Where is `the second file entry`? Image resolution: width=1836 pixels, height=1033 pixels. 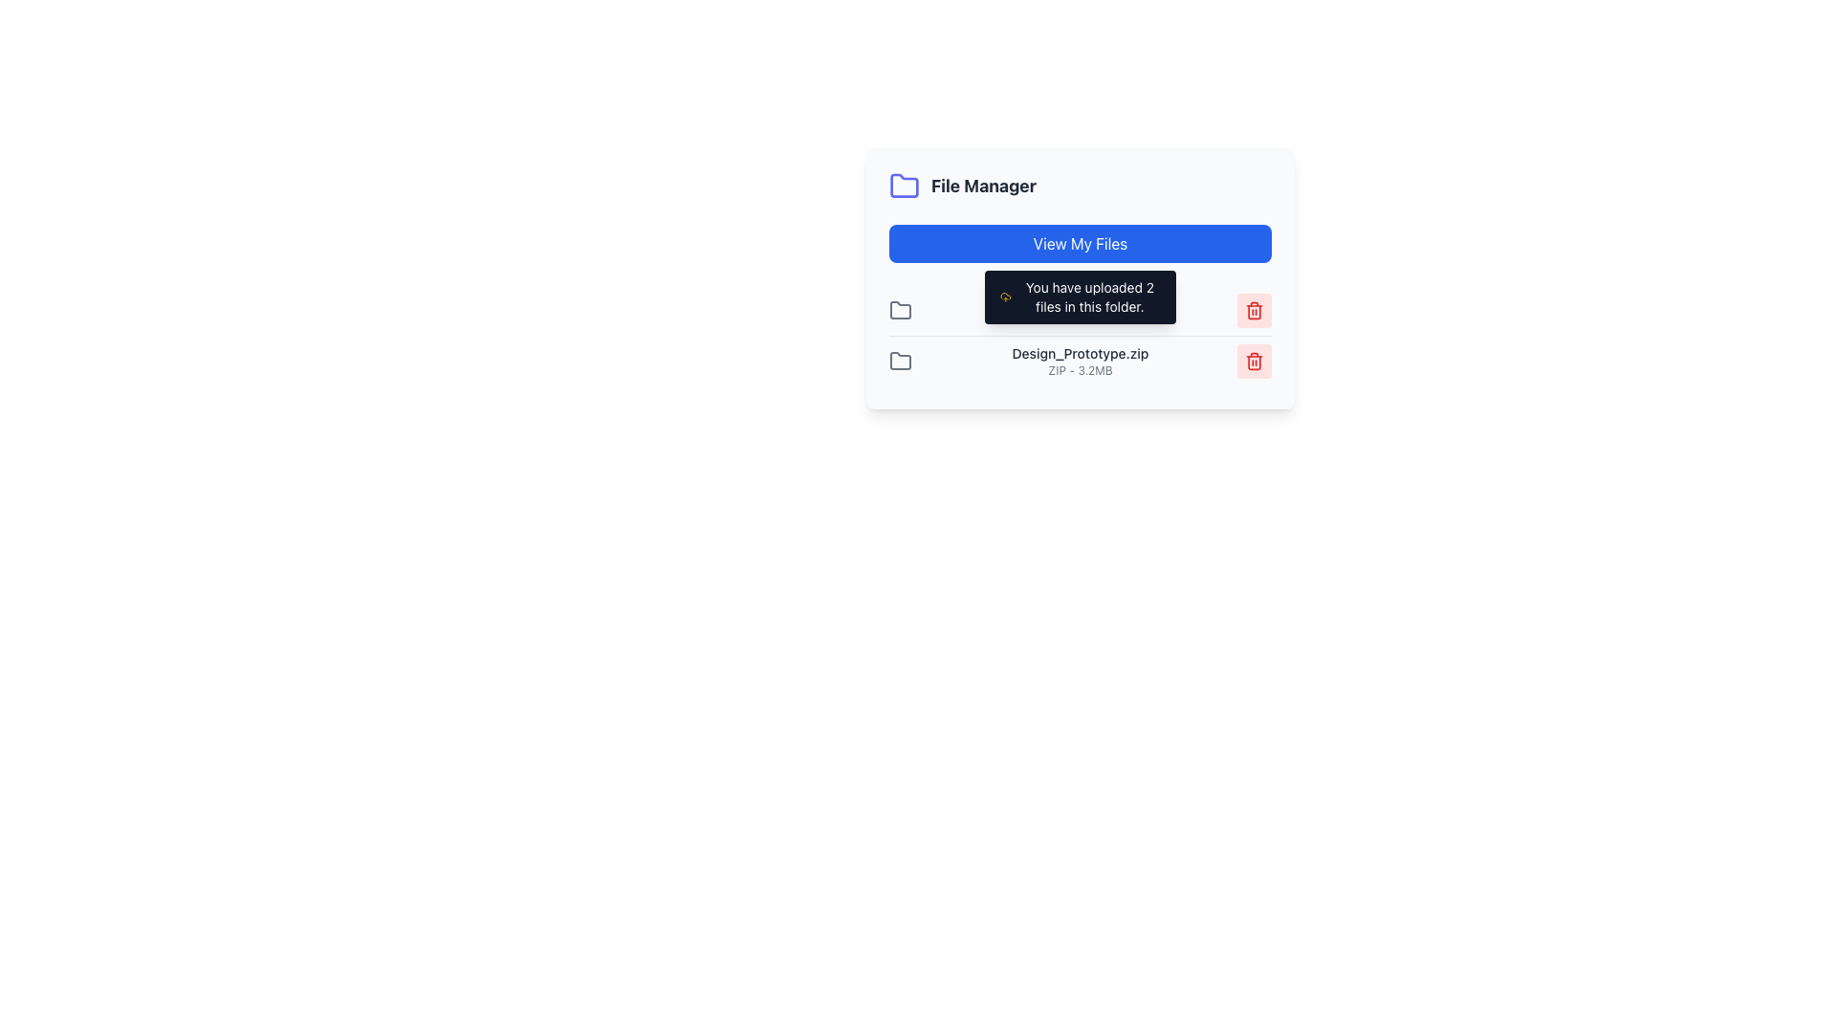
the second file entry is located at coordinates (1080, 335).